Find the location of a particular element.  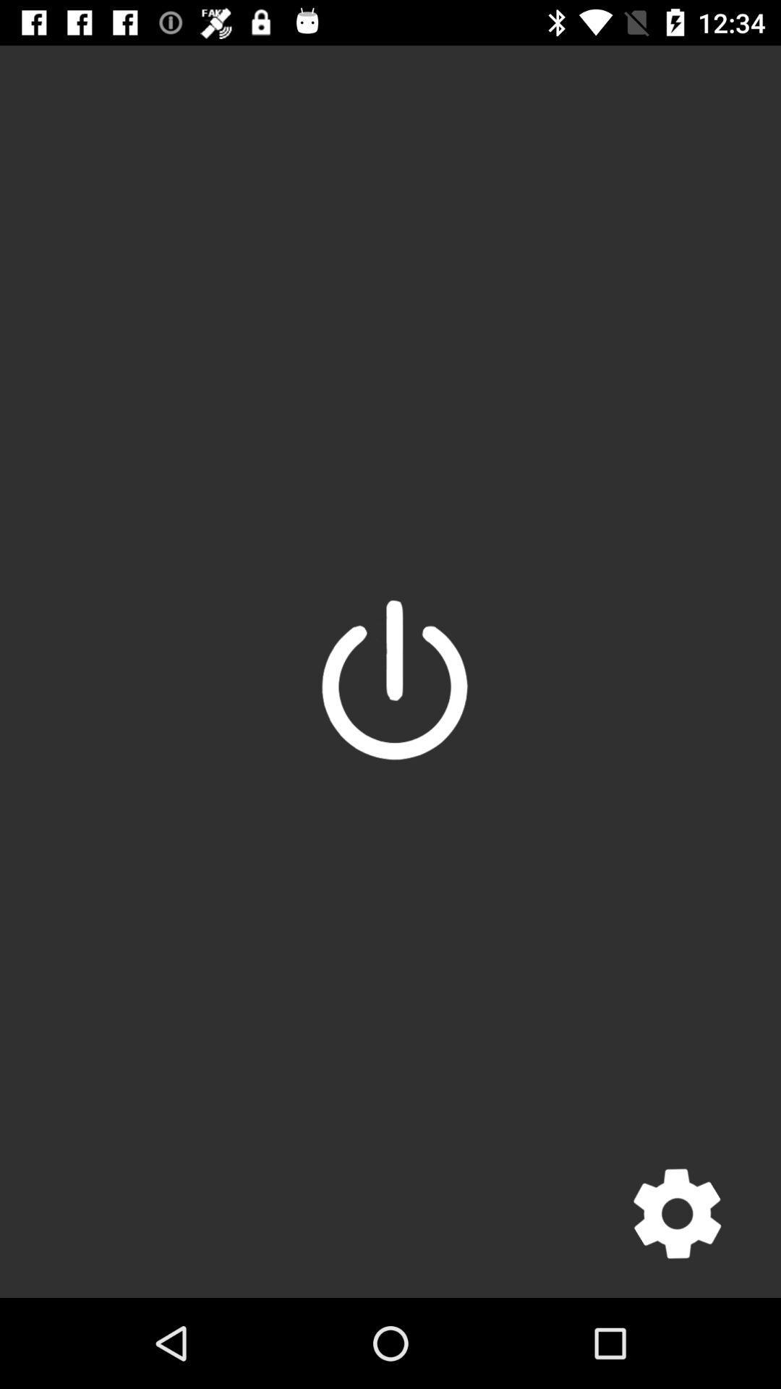

the settings icon is located at coordinates (677, 1213).